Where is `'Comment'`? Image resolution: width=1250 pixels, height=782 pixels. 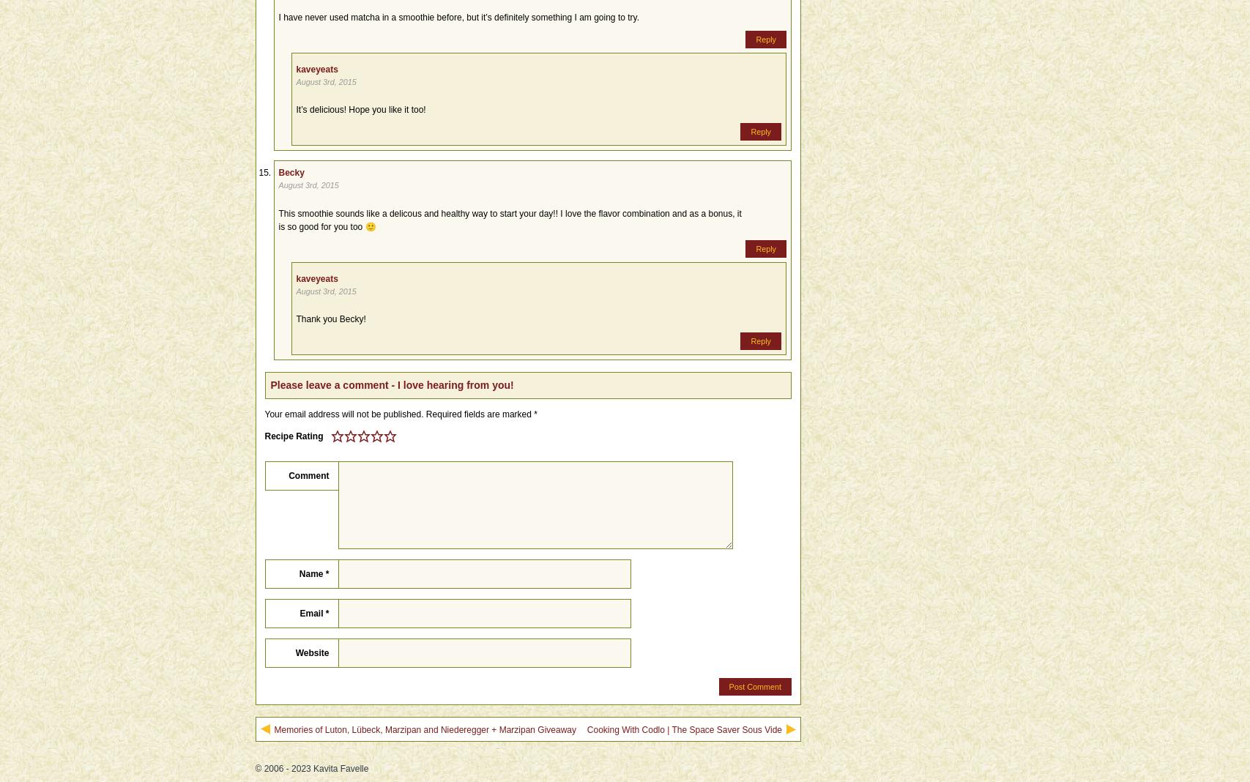
'Comment' is located at coordinates (308, 474).